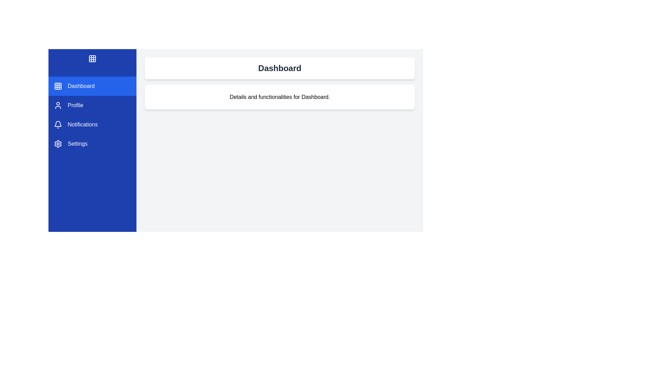  What do you see at coordinates (58, 124) in the screenshot?
I see `the bell-shaped notification icon located in the Notifications menu item on the left-hand side of the interface` at bounding box center [58, 124].